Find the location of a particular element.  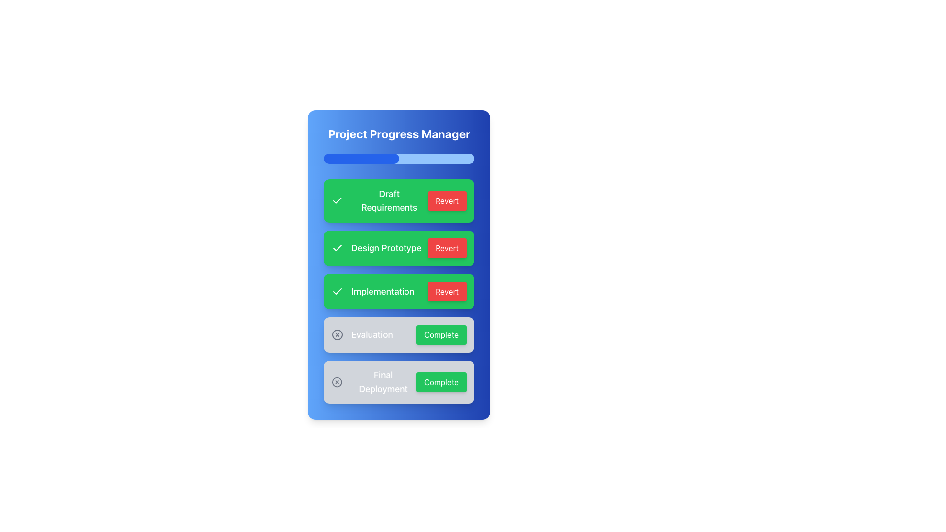

progress bar is located at coordinates (459, 158).